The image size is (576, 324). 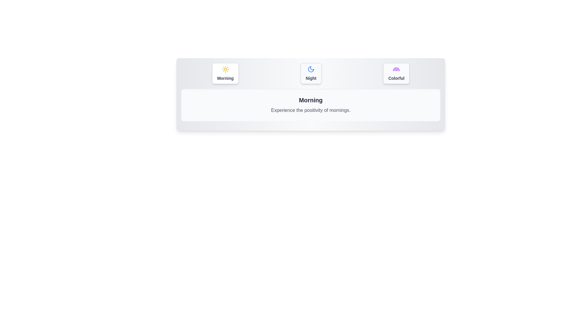 I want to click on the tab button labeled 'Night' to switch to that tab, so click(x=311, y=73).